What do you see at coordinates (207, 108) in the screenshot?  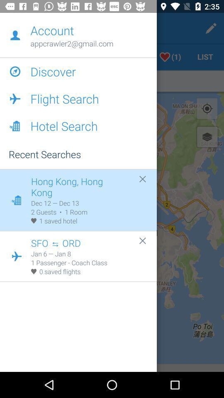 I see `the location_crosshair icon` at bounding box center [207, 108].